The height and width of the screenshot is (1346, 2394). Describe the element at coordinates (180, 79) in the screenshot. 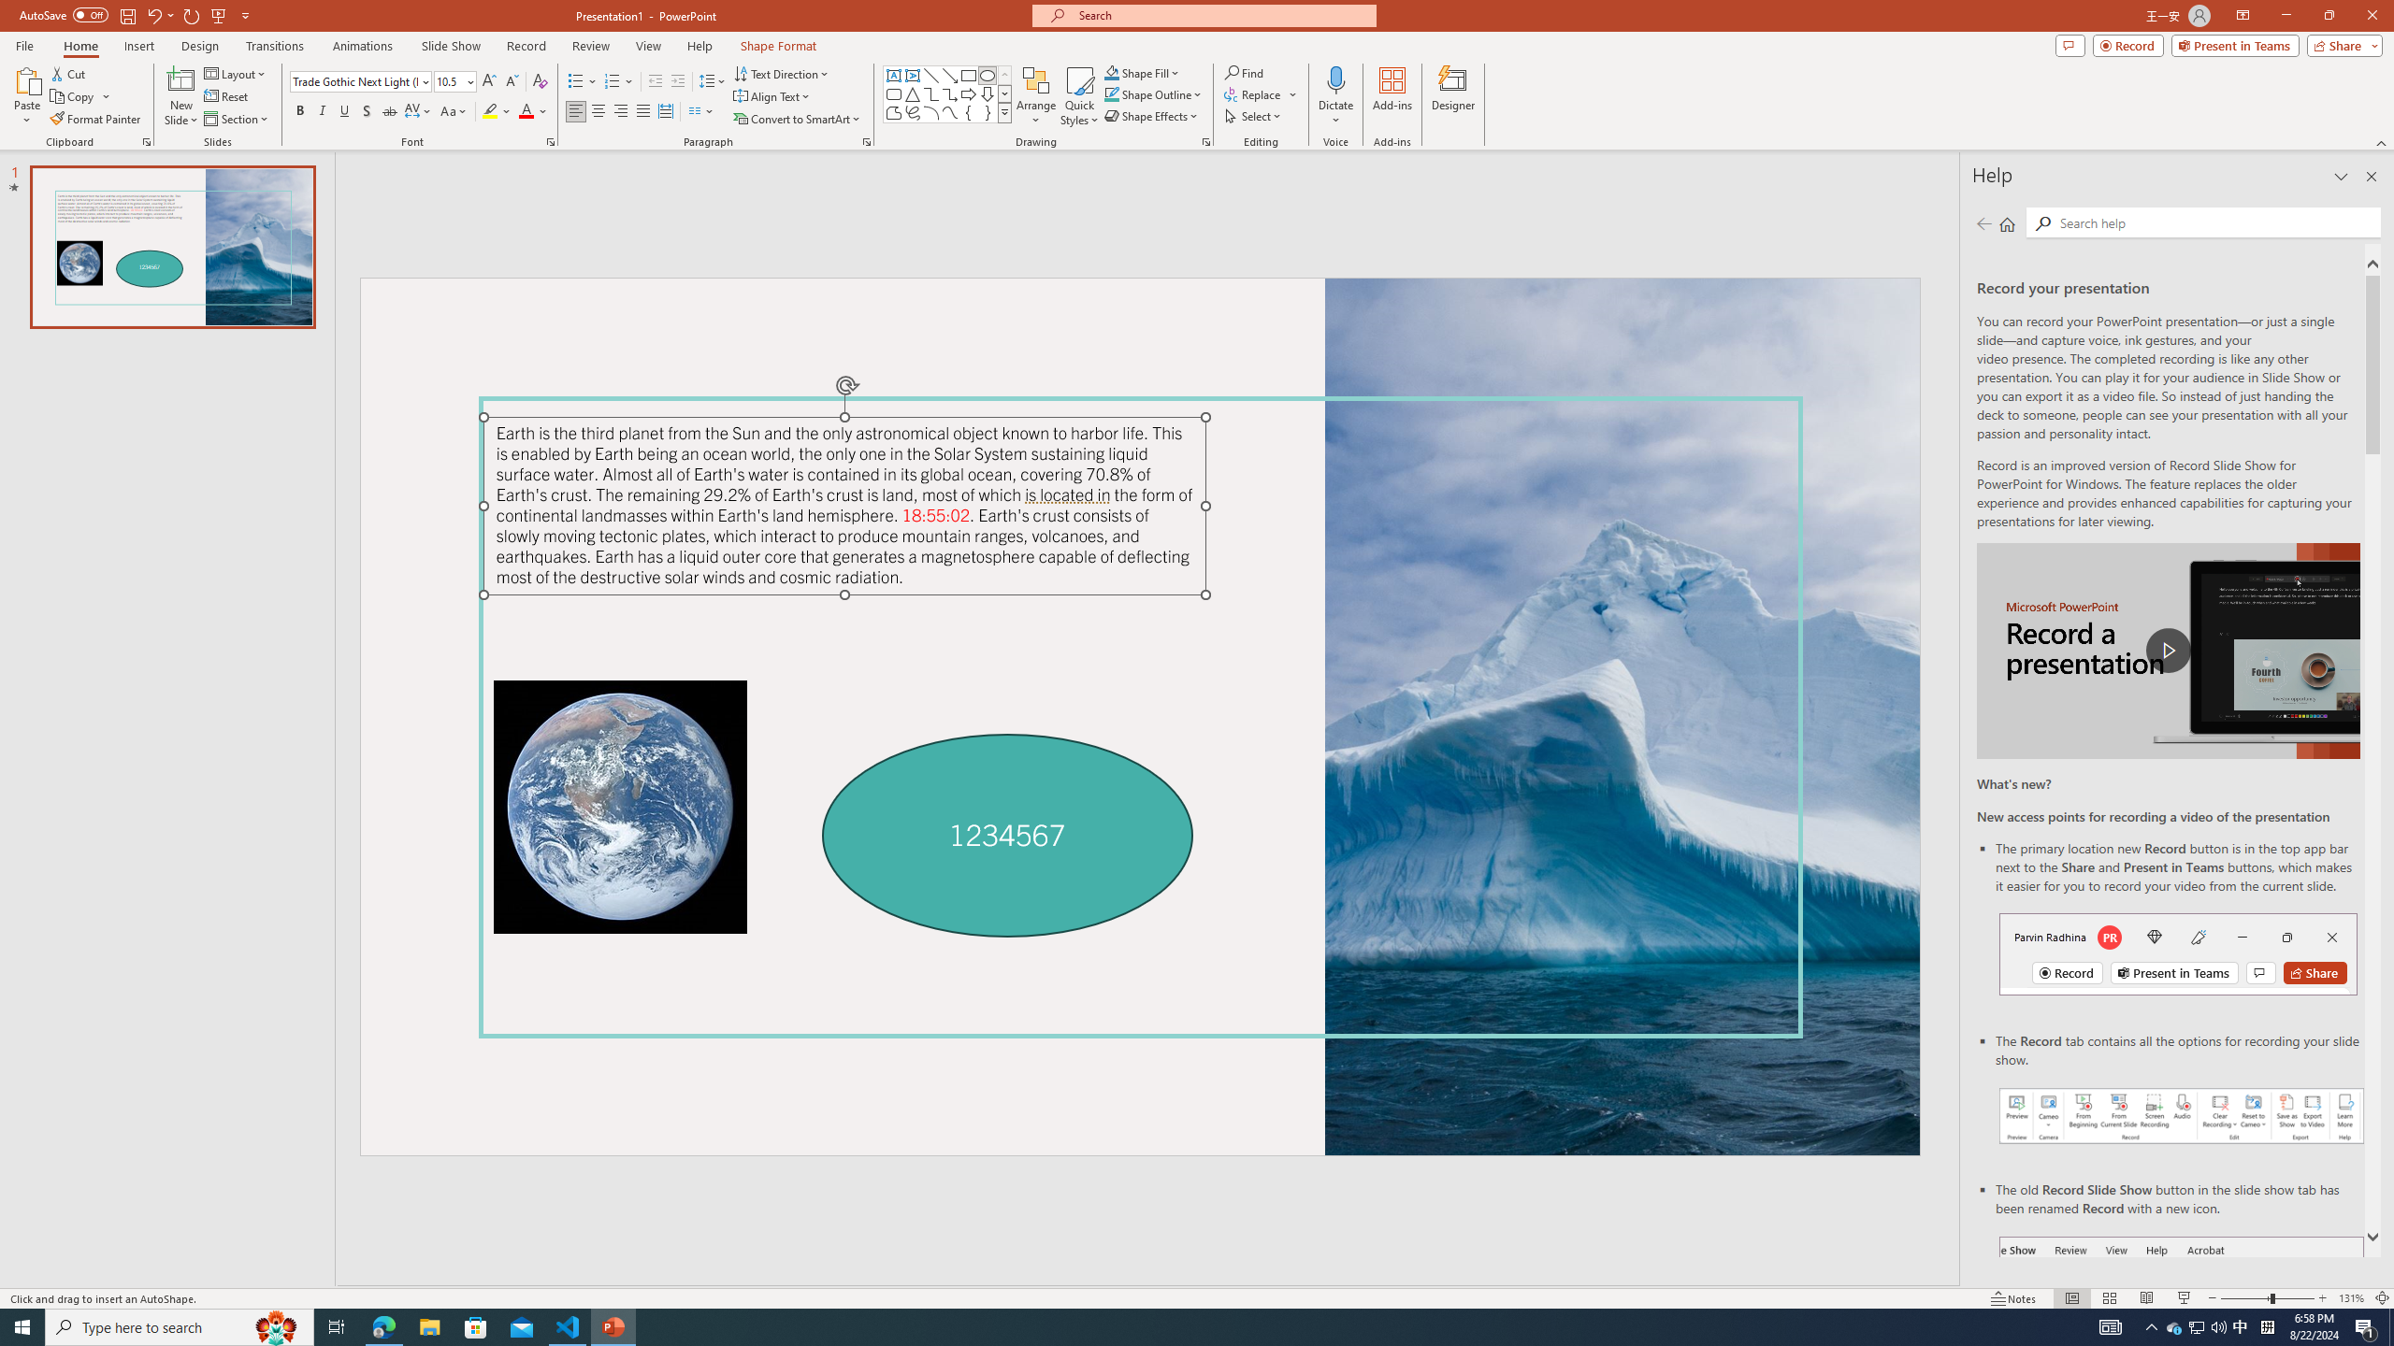

I see `'New Slide'` at that location.